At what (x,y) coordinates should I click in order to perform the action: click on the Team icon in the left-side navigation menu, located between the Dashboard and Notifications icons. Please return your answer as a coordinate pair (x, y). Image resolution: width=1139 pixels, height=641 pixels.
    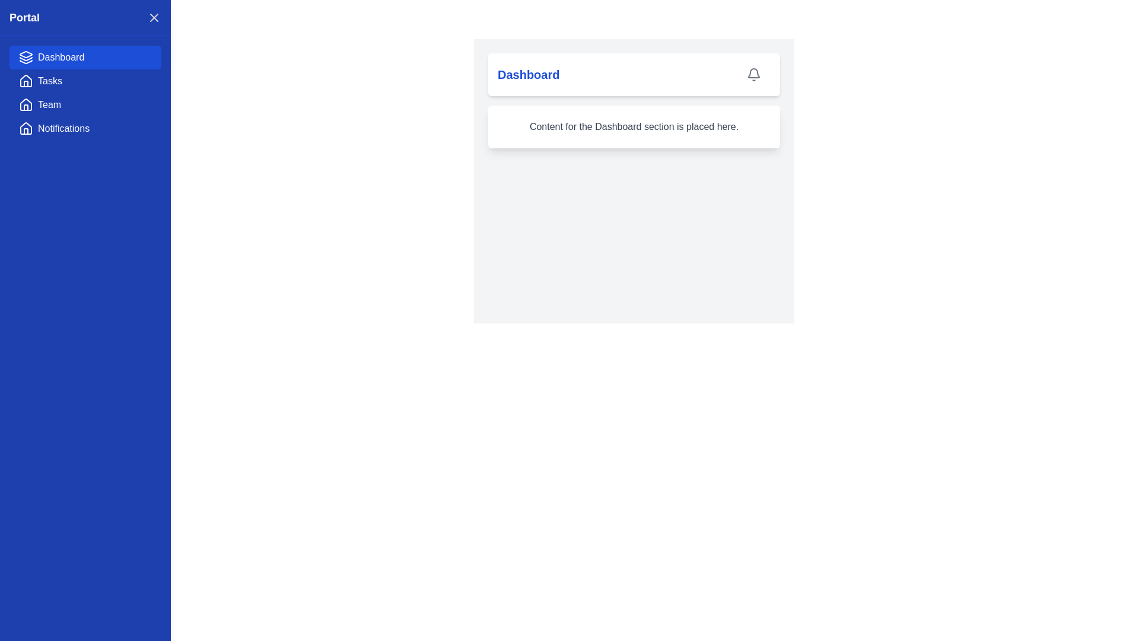
    Looking at the image, I should click on (26, 104).